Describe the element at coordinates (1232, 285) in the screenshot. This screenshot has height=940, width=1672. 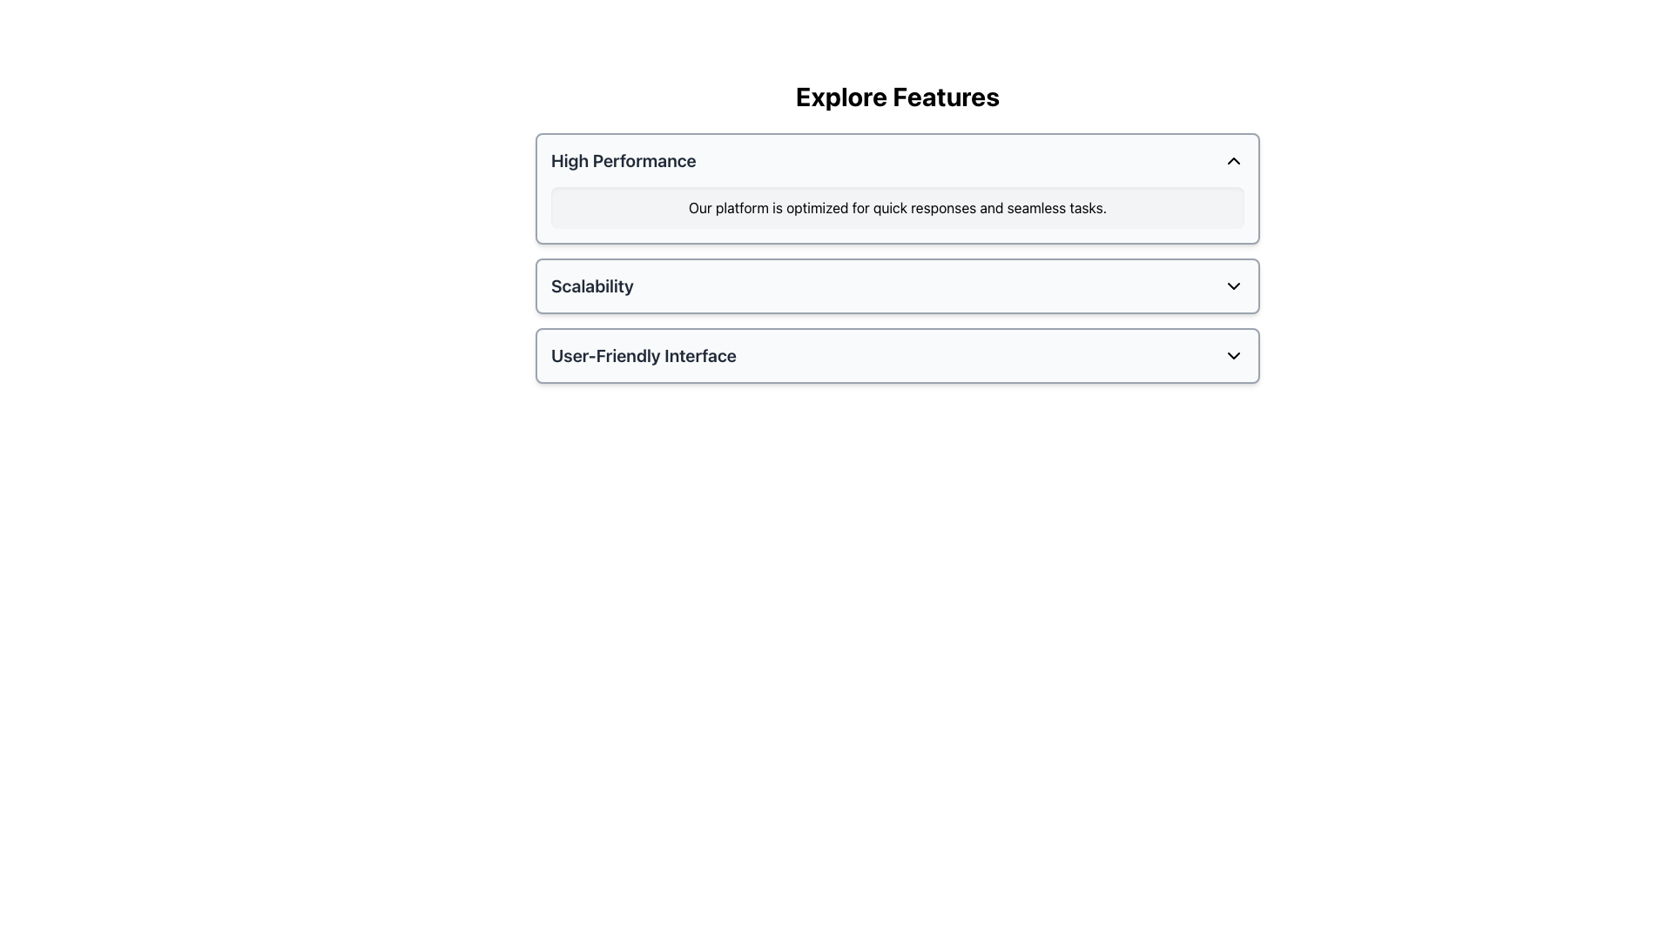
I see `Dropdown toggle icon located in the Scalability section to reveal additional details about its functionality` at that location.